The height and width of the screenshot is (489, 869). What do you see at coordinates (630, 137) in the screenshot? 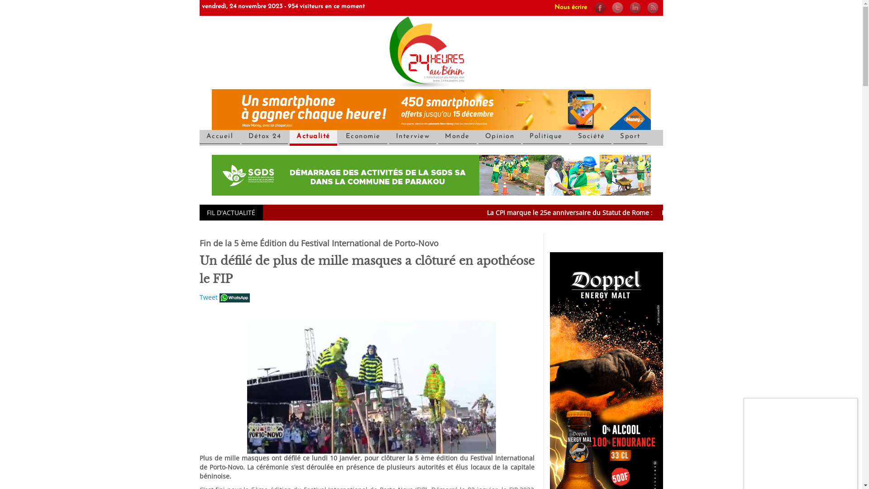
I see `'Sport'` at bounding box center [630, 137].